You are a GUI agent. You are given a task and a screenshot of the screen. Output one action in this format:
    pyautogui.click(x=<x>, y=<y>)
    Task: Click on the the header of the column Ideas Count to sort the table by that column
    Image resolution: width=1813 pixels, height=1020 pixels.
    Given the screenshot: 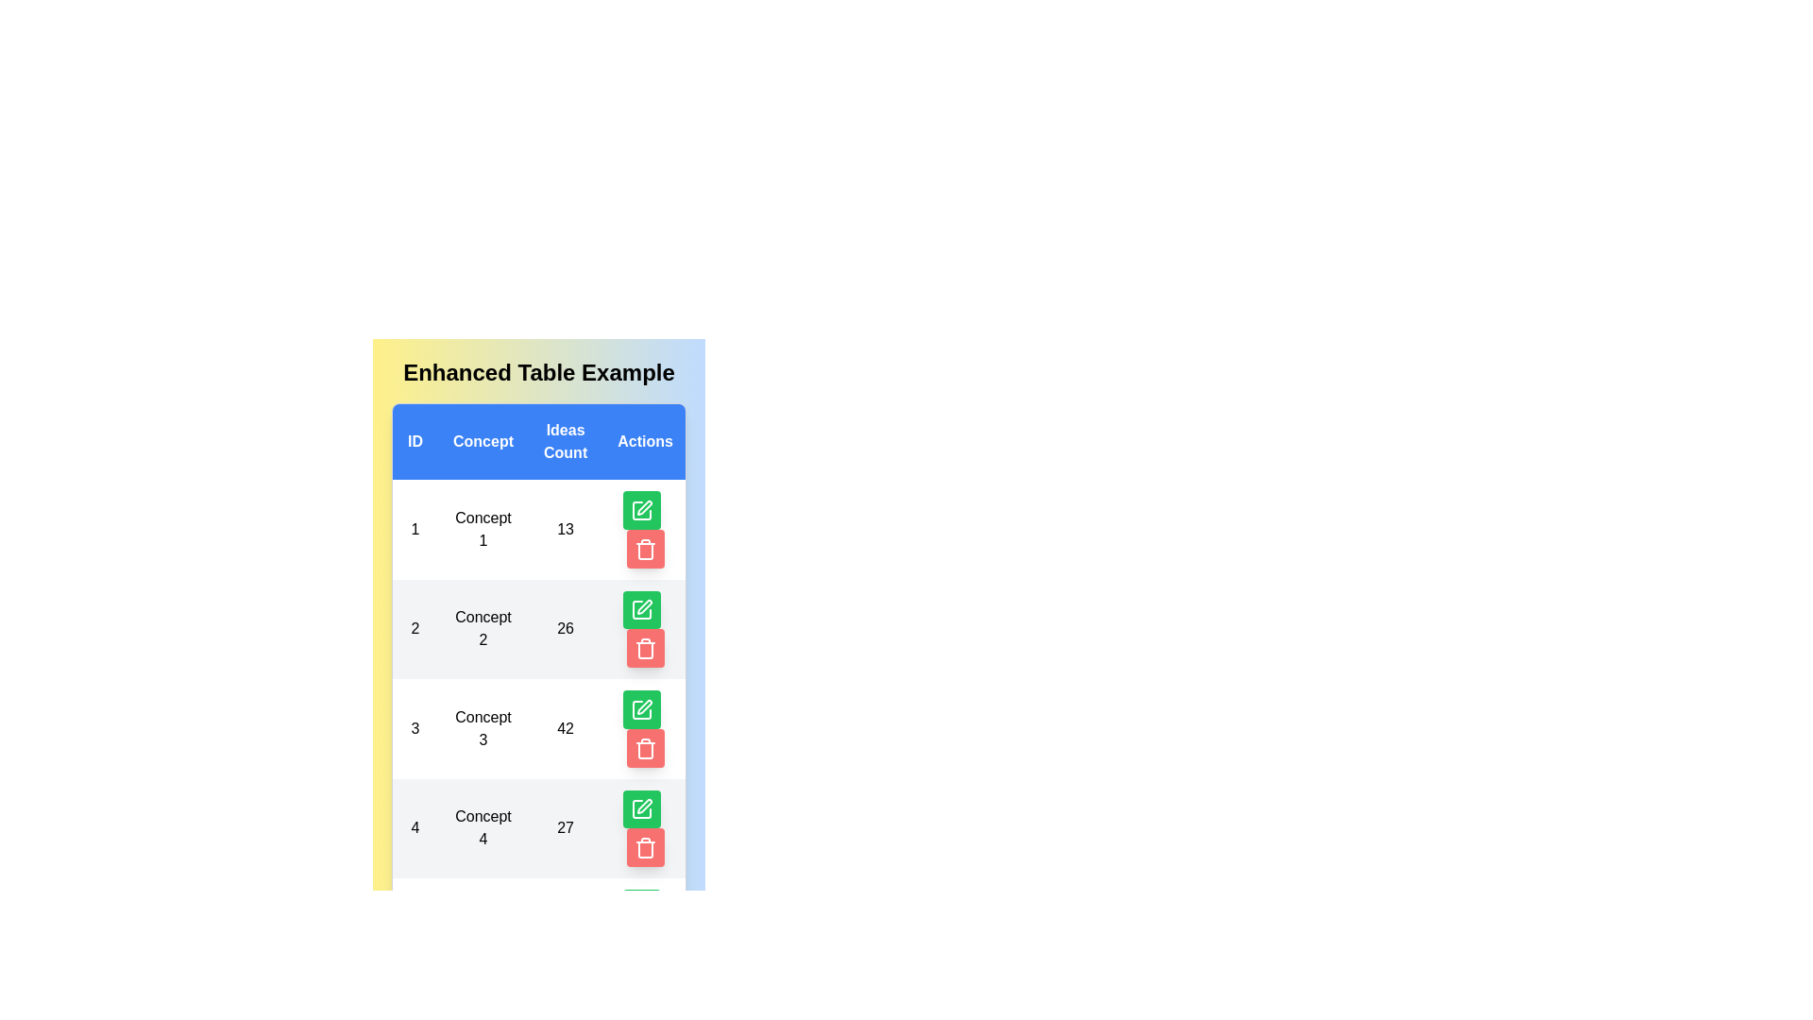 What is the action you would take?
    pyautogui.click(x=565, y=441)
    